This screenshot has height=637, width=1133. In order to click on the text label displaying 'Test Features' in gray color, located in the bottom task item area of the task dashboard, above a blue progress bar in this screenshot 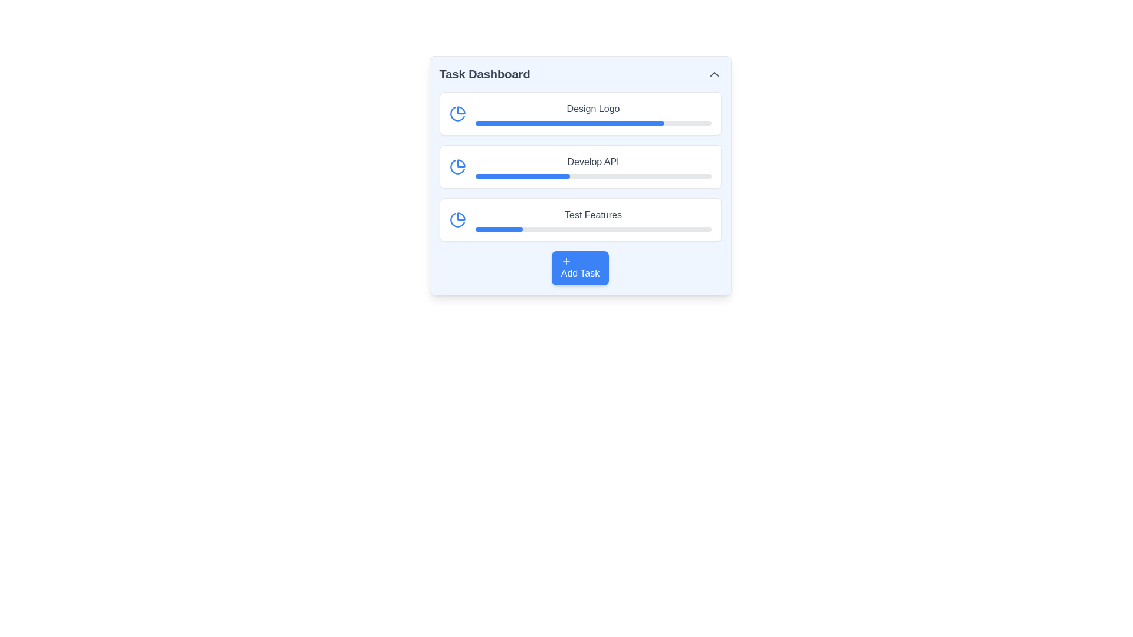, I will do `click(593, 215)`.